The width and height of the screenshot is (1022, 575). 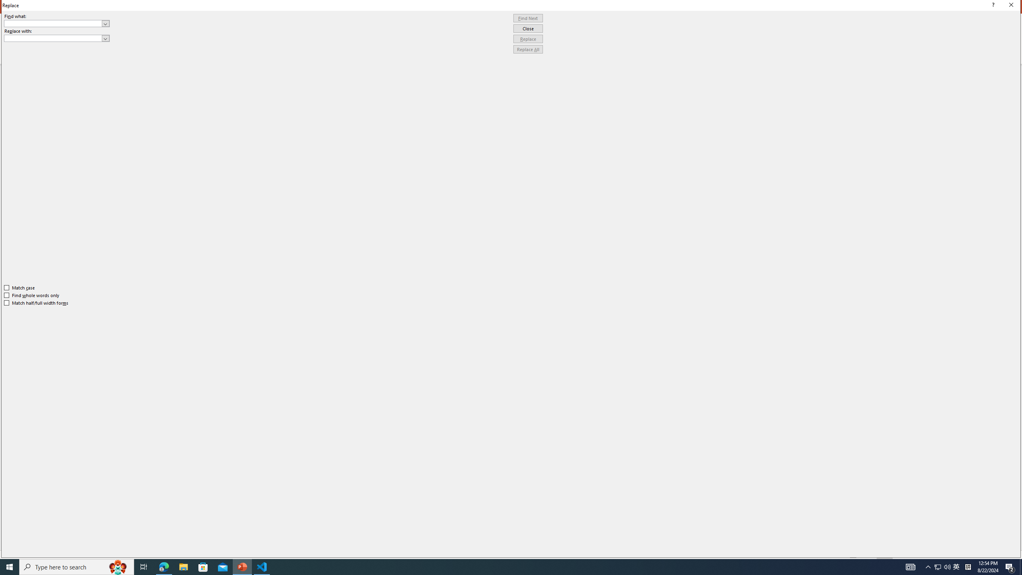 What do you see at coordinates (53, 23) in the screenshot?
I see `'Find what'` at bounding box center [53, 23].